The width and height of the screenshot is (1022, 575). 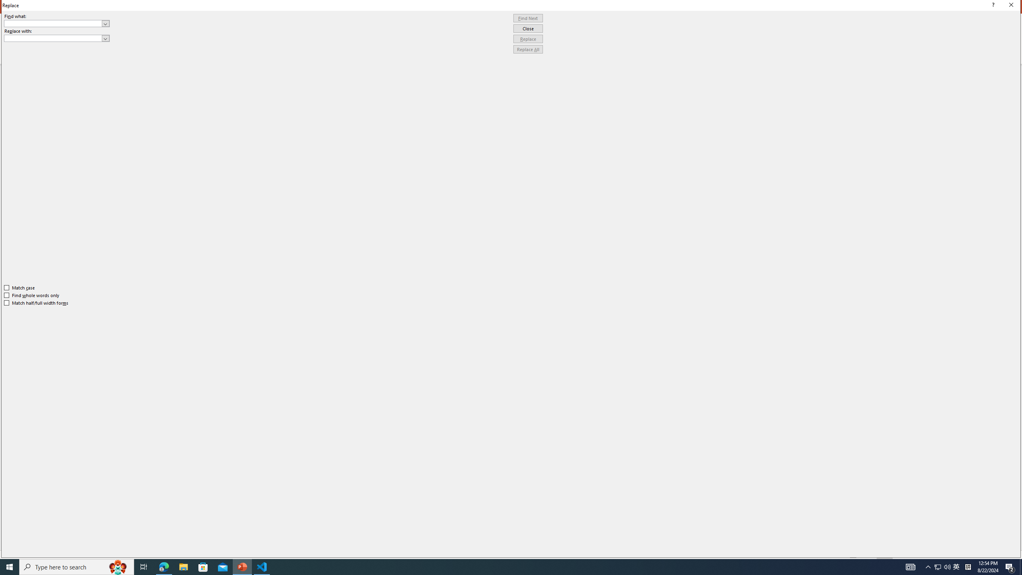 What do you see at coordinates (53, 23) in the screenshot?
I see `'Find what'` at bounding box center [53, 23].